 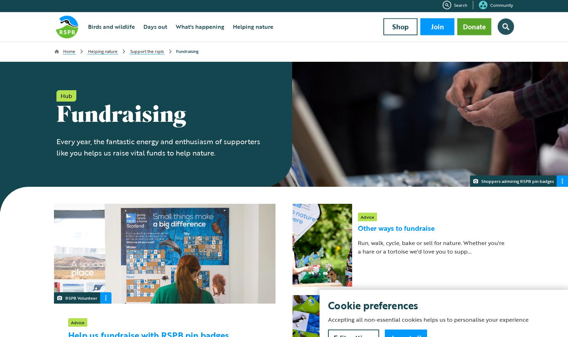 What do you see at coordinates (157, 147) in the screenshot?
I see `'Every year, the fantastic energy and enthusiasm of supporters like you helps us raise vital funds to help nature.'` at bounding box center [157, 147].